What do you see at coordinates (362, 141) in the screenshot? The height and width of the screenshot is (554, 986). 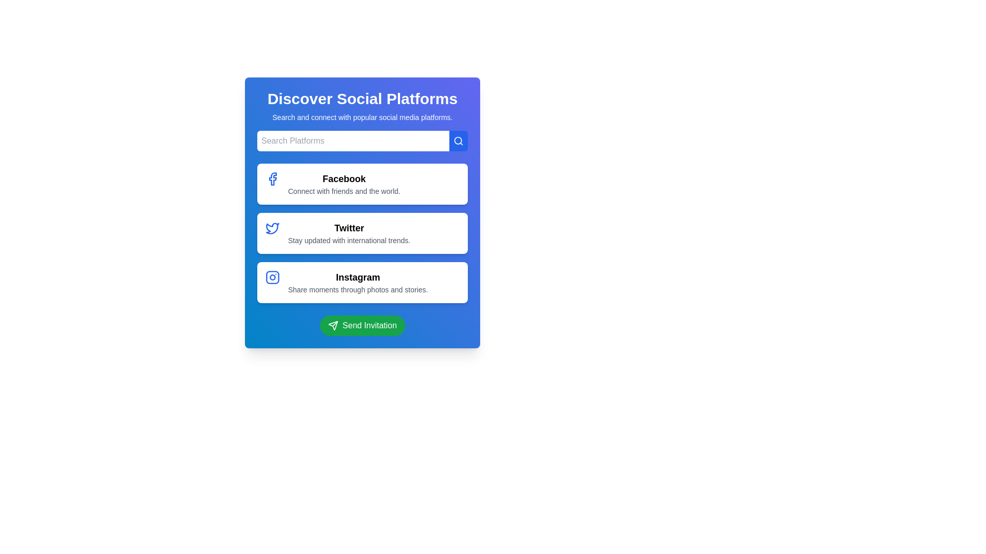 I see `the input field of the Search Bar located below the title 'Discover Social Platforms' and the subtitle 'Search and connect with popular social media platforms.'` at bounding box center [362, 141].